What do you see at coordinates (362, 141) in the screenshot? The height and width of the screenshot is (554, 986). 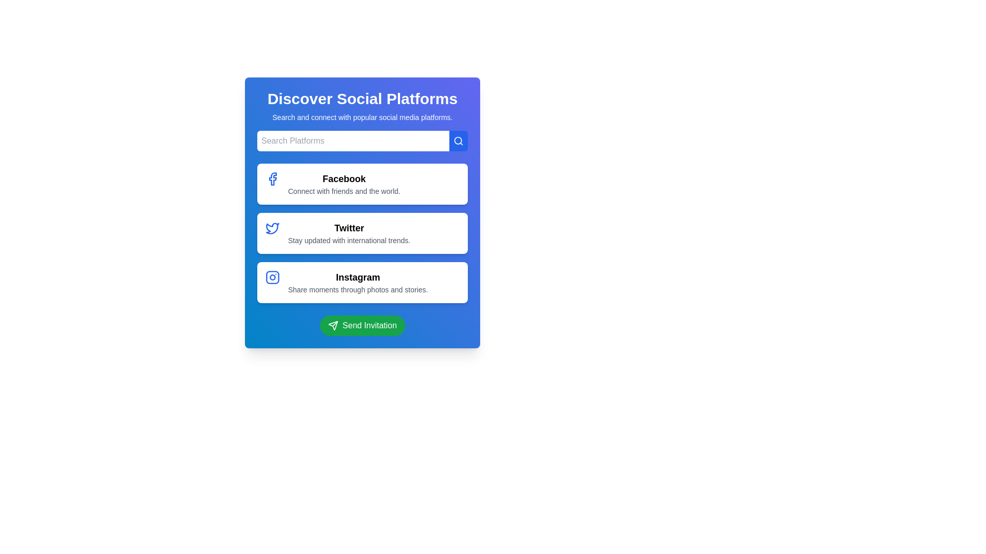 I see `the input field of the Search Bar located below the title 'Discover Social Platforms' and the subtitle 'Search and connect with popular social media platforms.'` at bounding box center [362, 141].